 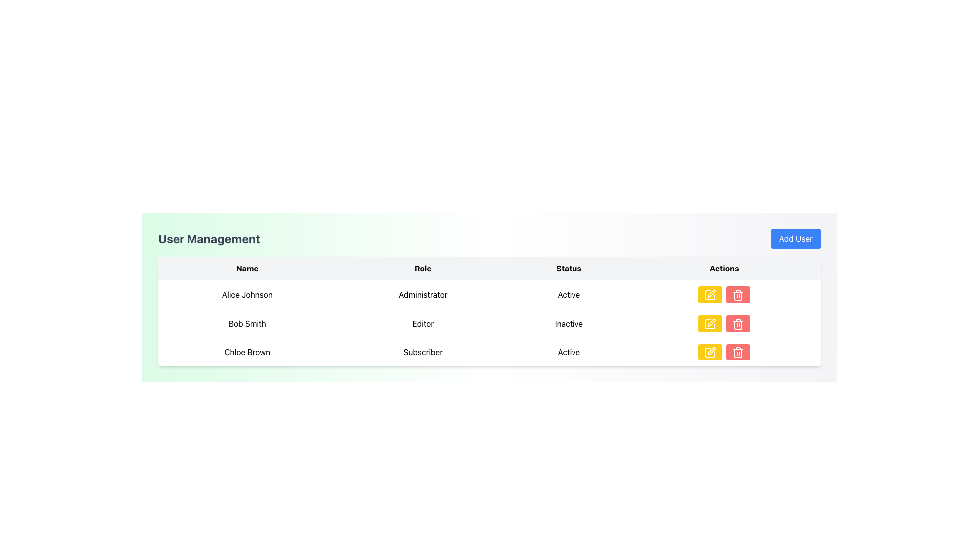 I want to click on the delete button in the 'Actions' column of the User Management table row, which is located to the right of the yellow pen icon button, to initiate the deletion of the corresponding data entry, so click(x=738, y=294).